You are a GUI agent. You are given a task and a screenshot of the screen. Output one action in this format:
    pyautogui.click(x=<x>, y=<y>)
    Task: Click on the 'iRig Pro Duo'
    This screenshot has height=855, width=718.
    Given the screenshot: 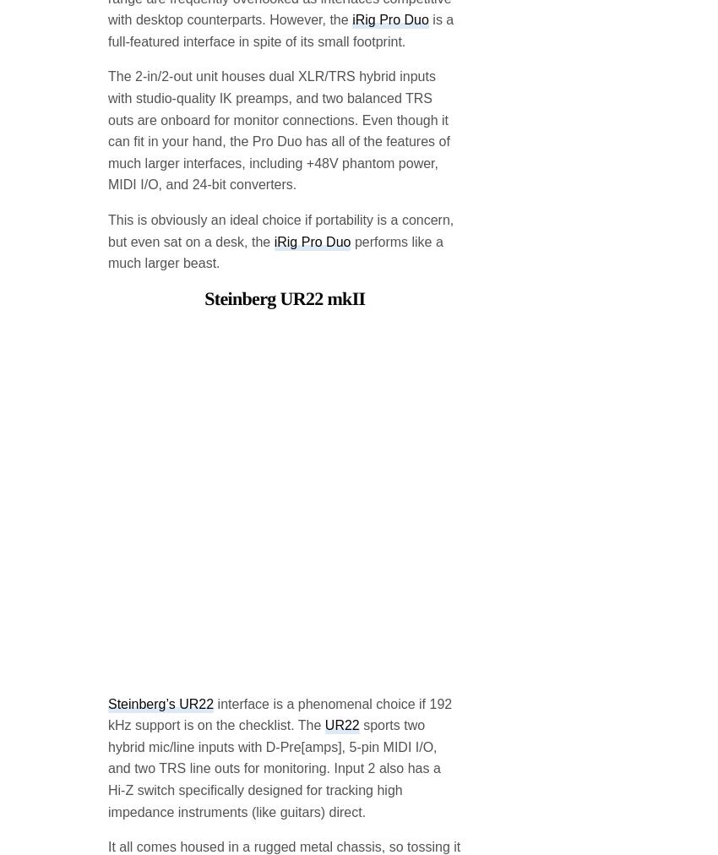 What is the action you would take?
    pyautogui.click(x=311, y=104)
    